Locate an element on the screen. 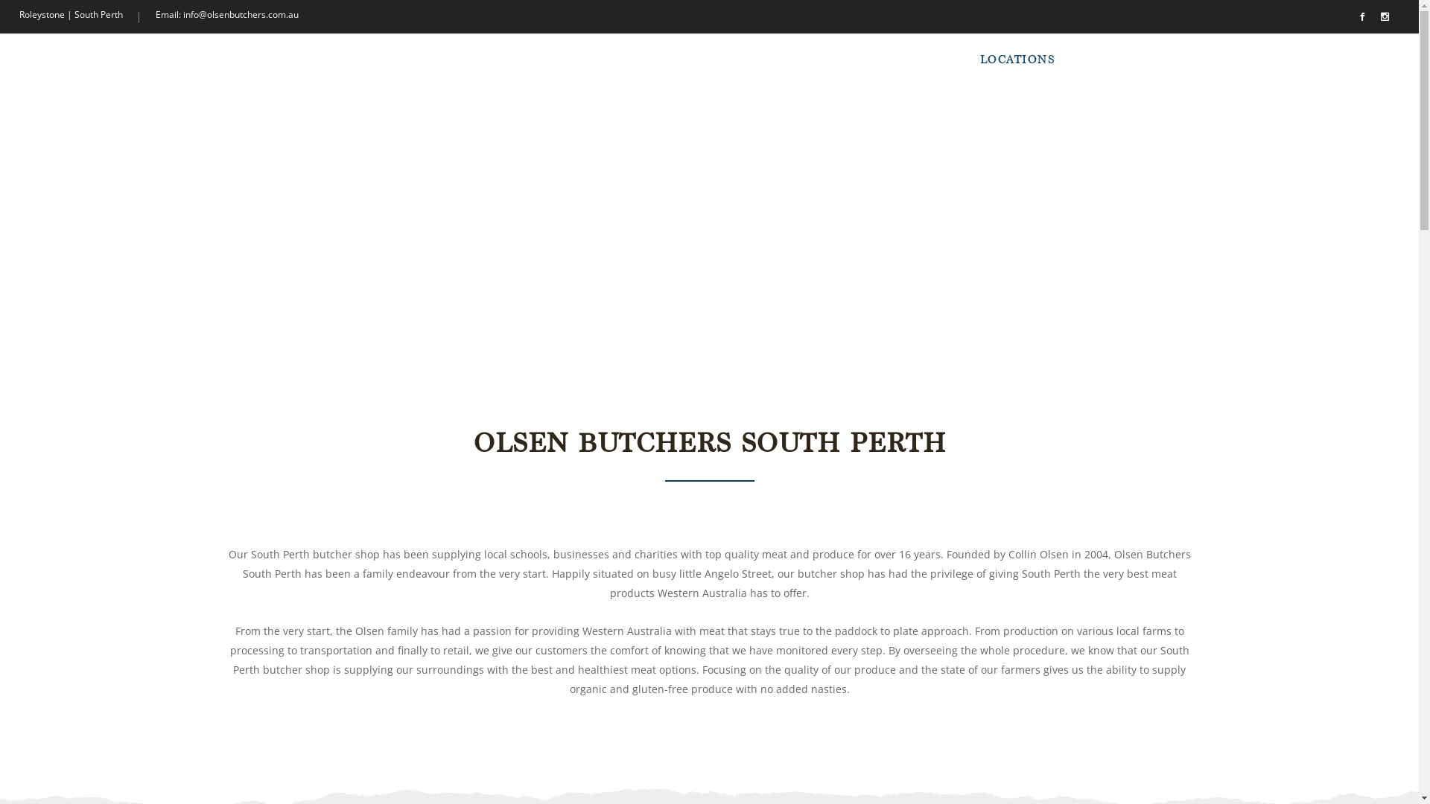  'CONTACT US' is located at coordinates (1307, 58).